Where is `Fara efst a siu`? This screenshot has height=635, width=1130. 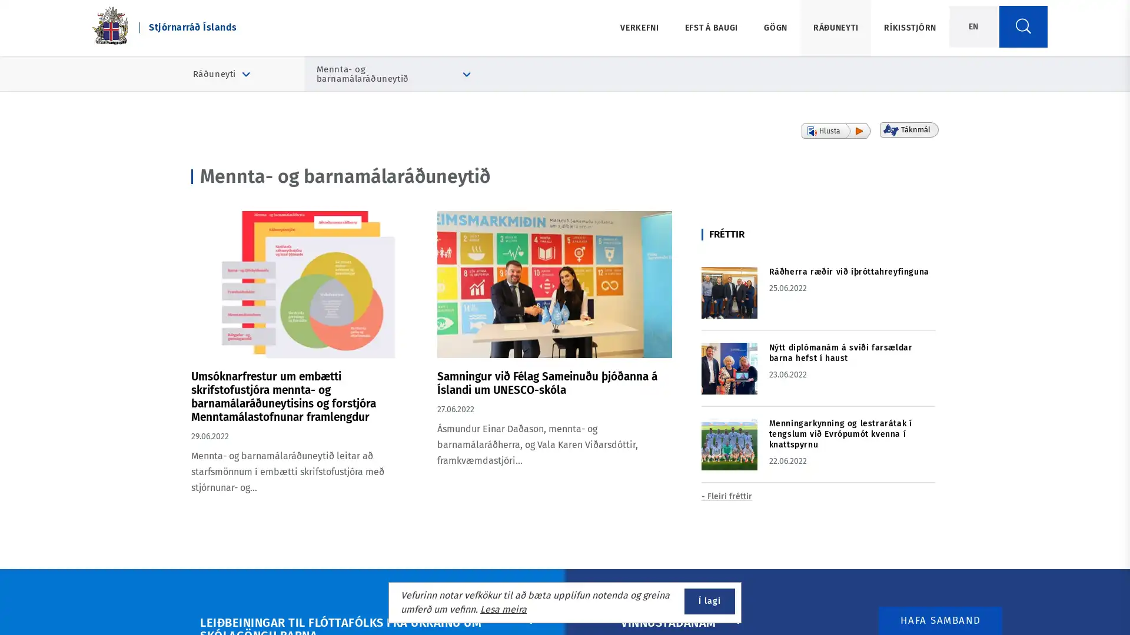
Fara efst a siu is located at coordinates (1085, 596).